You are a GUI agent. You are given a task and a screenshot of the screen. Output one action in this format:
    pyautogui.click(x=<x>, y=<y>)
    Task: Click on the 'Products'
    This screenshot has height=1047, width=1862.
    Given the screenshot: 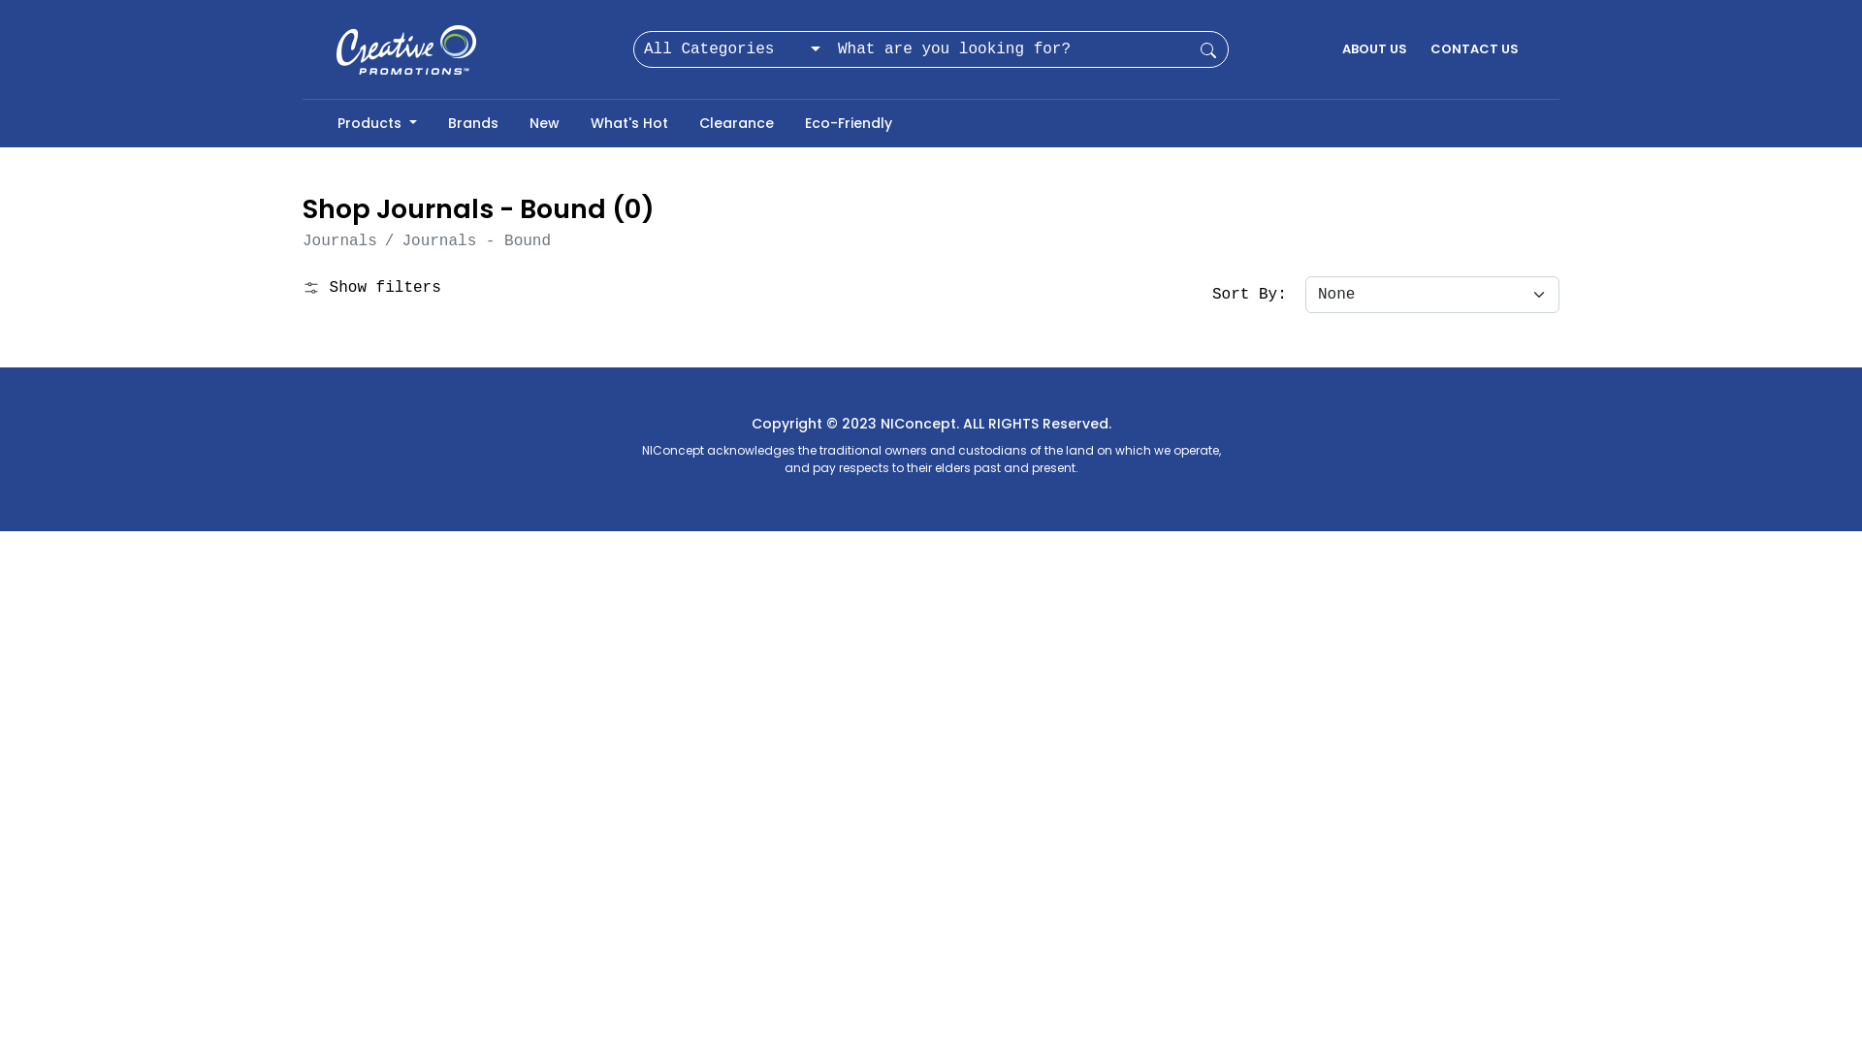 What is the action you would take?
    pyautogui.click(x=376, y=123)
    